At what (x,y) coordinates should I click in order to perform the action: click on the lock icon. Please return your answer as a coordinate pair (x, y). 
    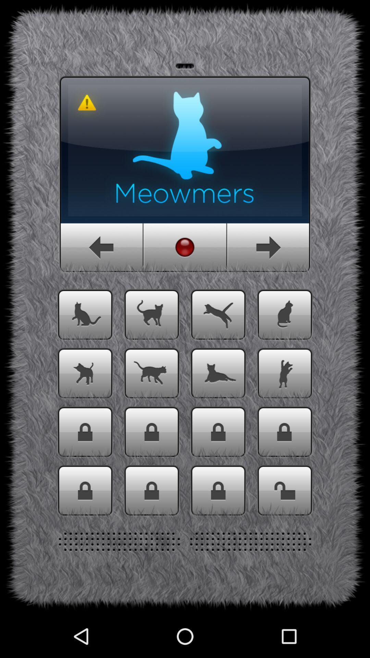
    Looking at the image, I should click on (218, 466).